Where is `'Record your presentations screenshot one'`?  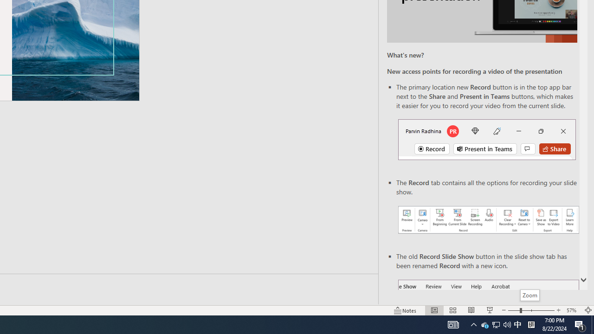
'Record your presentations screenshot one' is located at coordinates (488, 220).